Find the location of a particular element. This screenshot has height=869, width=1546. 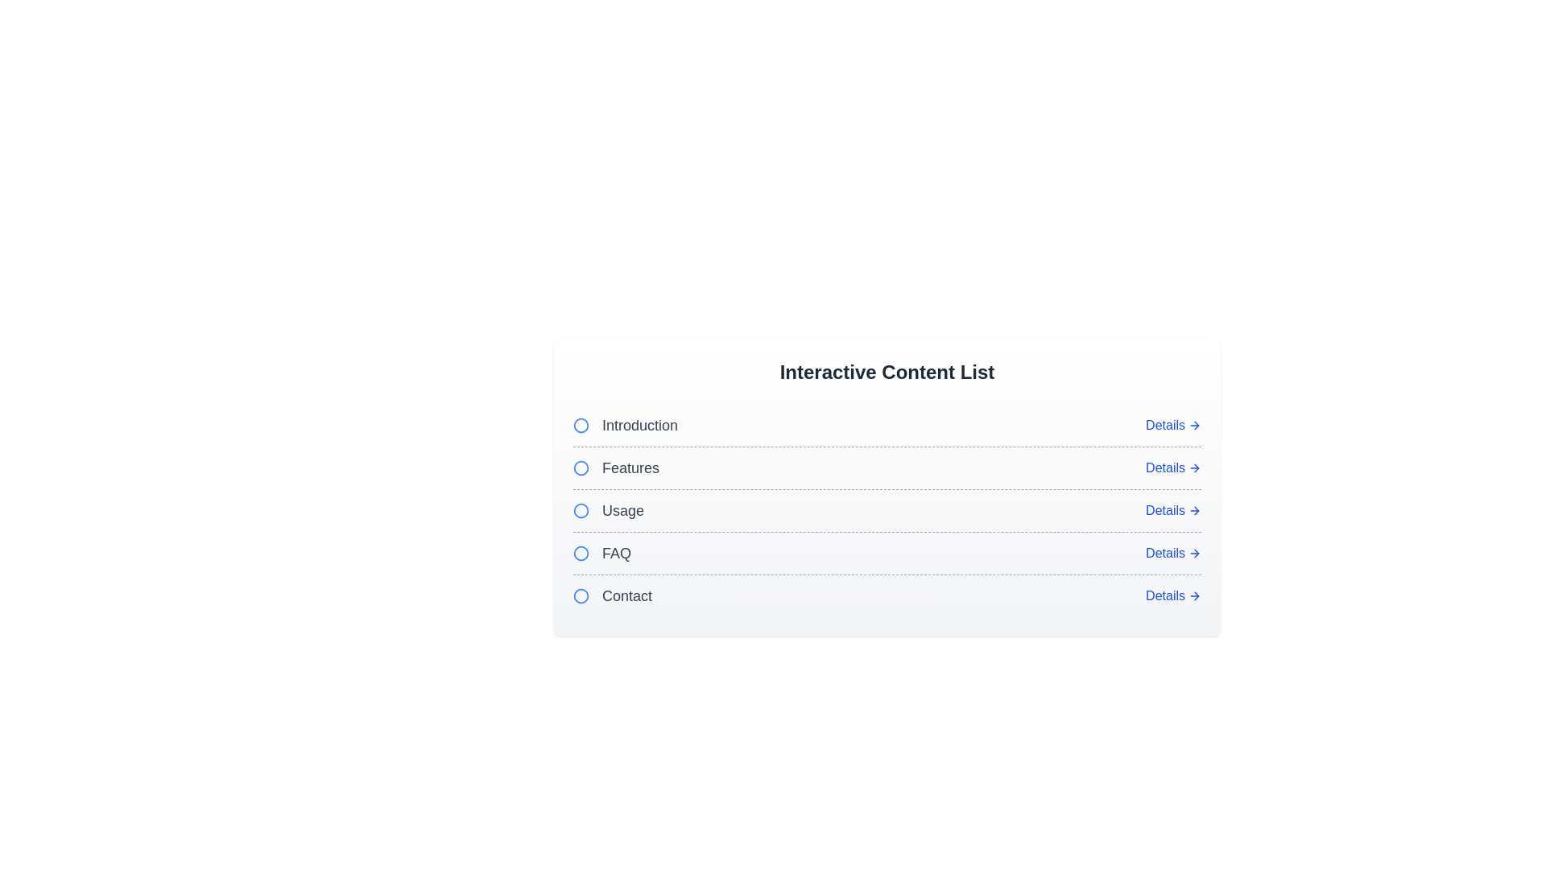

the arrow icon pointing to the right, which is part of the 'Details' link in the fifth row of the table associated with the 'Contact' entry is located at coordinates (1194, 511).